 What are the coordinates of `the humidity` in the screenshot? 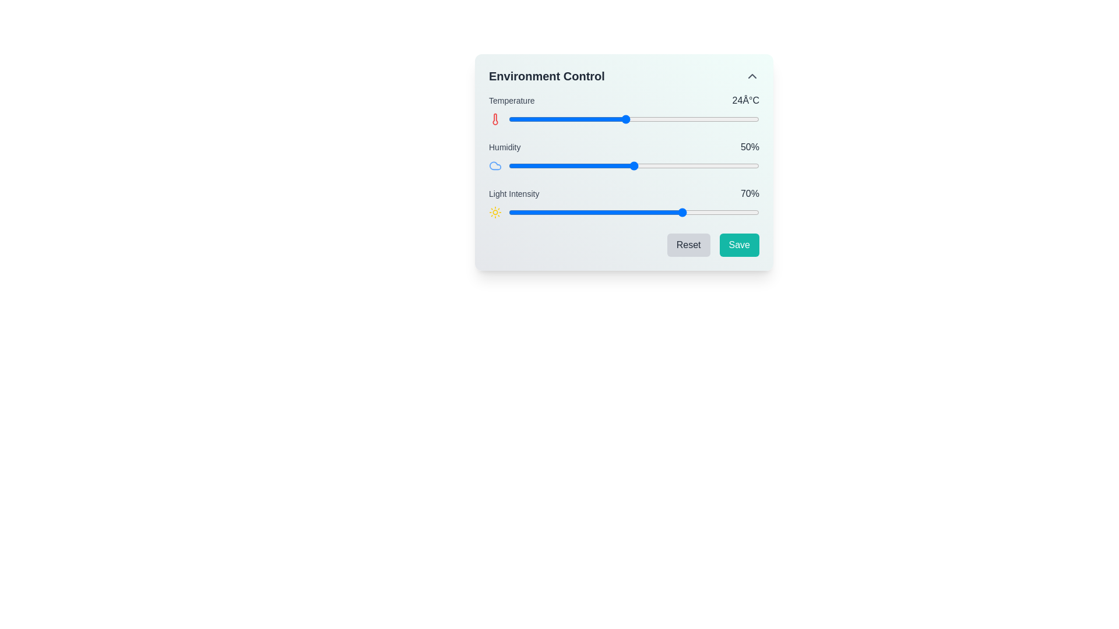 It's located at (518, 166).